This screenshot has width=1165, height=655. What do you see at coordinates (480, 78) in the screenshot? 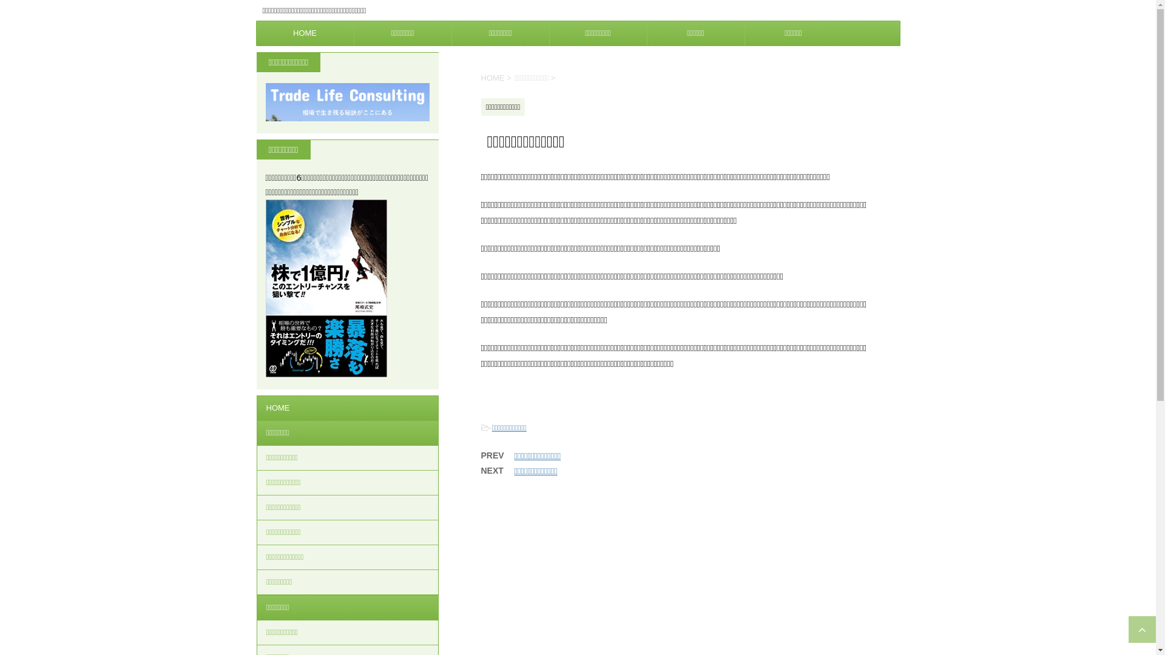
I see `'HOME'` at bounding box center [480, 78].